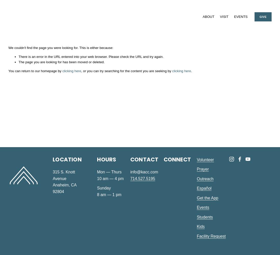 The image size is (280, 255). What do you see at coordinates (62, 61) in the screenshot?
I see `'The page you are looking for has been moved or deleted.'` at bounding box center [62, 61].